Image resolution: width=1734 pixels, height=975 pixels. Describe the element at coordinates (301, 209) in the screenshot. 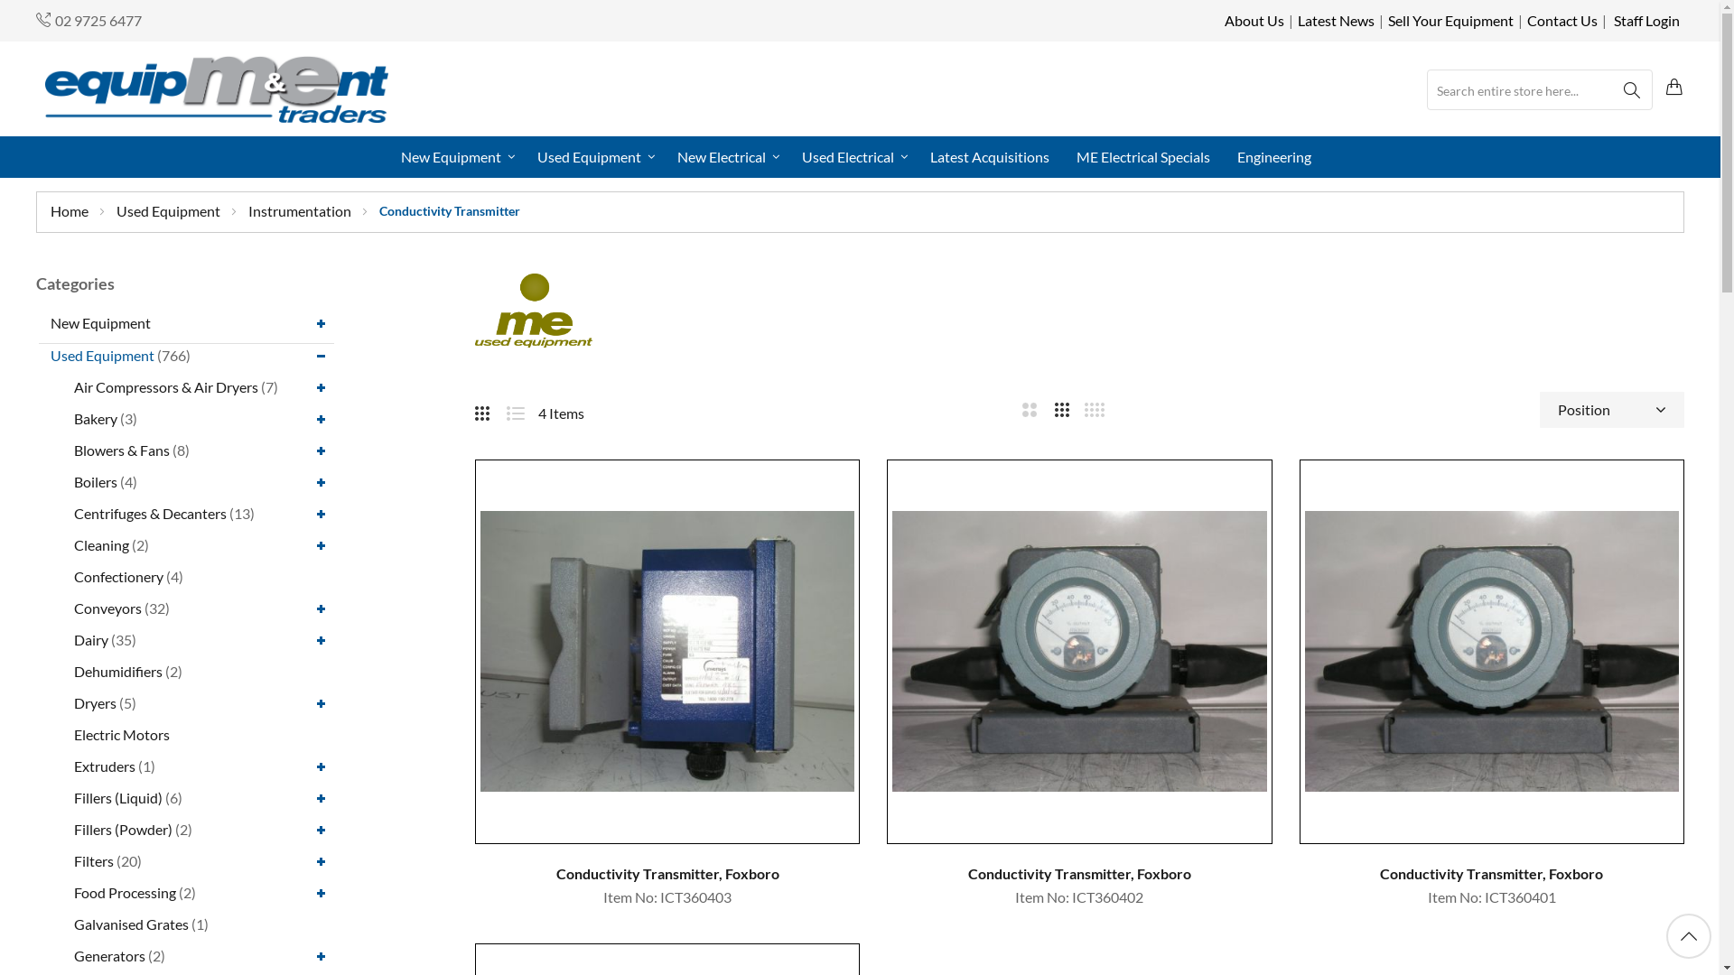

I see `'Instrumentation'` at that location.